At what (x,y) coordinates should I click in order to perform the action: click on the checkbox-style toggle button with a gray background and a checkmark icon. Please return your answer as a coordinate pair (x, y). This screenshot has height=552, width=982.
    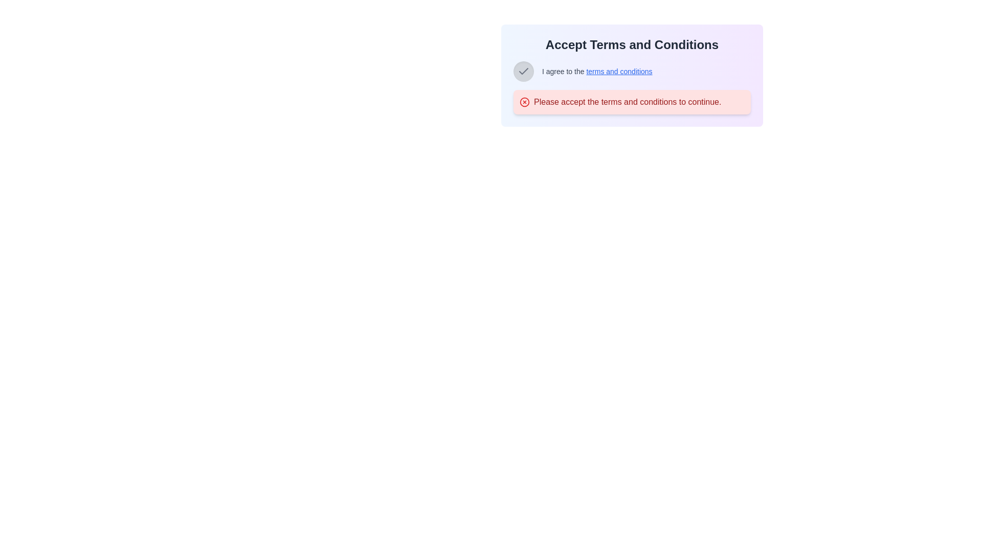
    Looking at the image, I should click on (523, 71).